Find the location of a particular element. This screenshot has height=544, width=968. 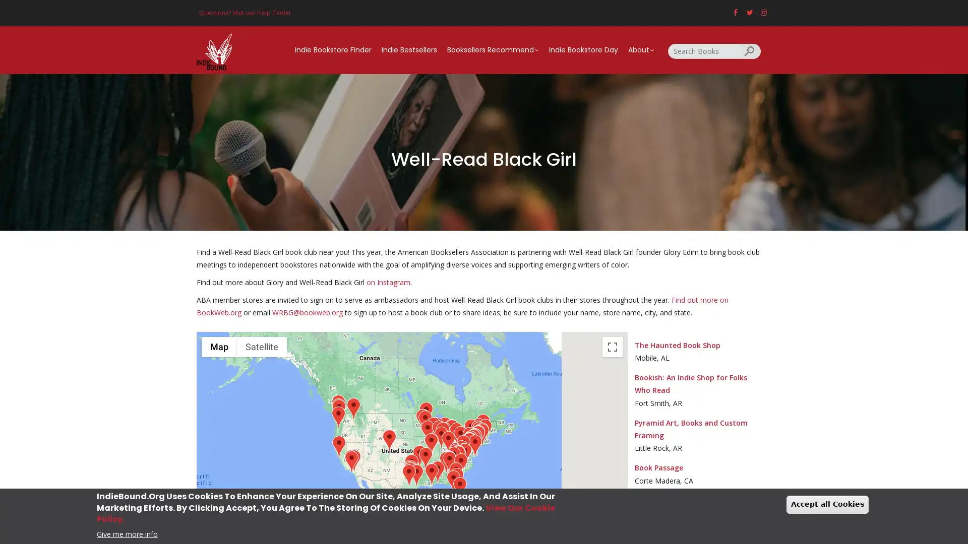

Horton's Books & Gifts is located at coordinates (445, 461).